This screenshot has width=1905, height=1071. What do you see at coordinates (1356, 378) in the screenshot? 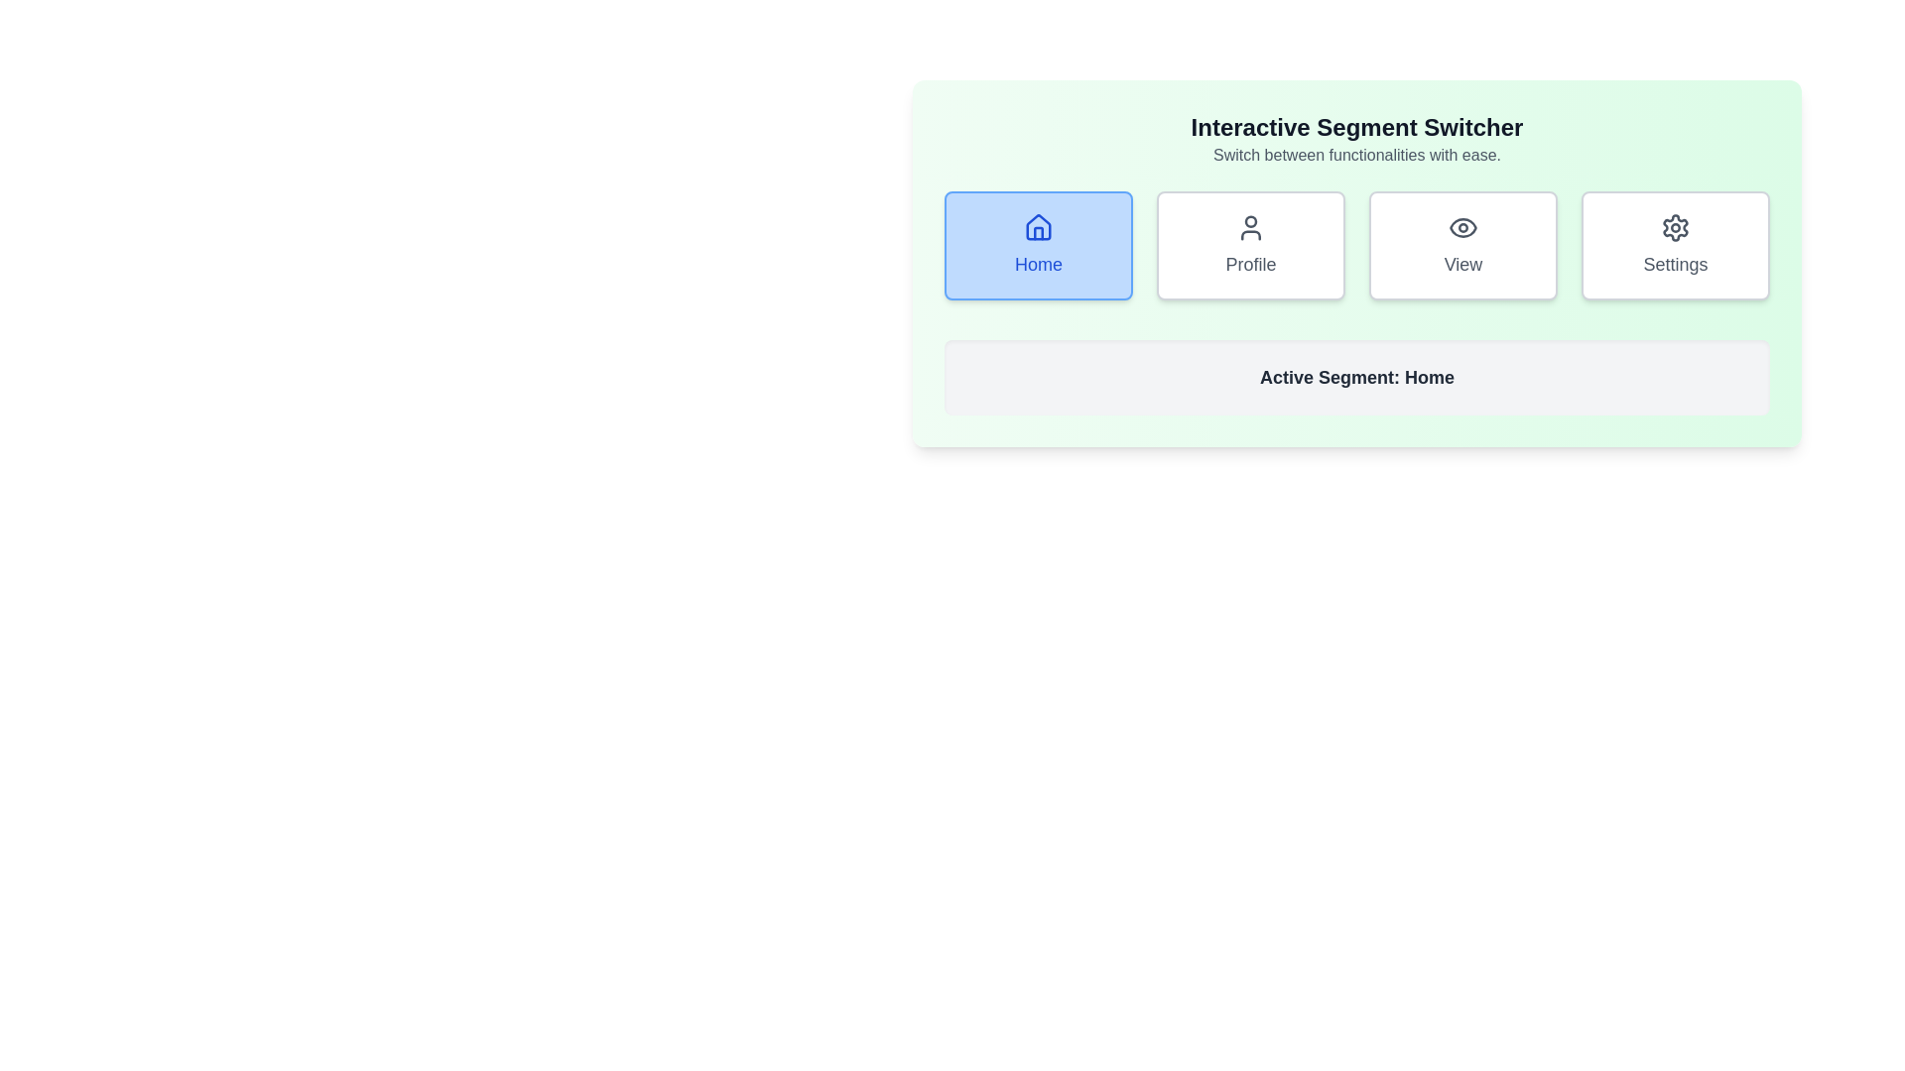
I see `the text label that indicates the currently active segment or selection in the interface, located centrally below the interactive options ('Home', 'Profile', 'View', 'Settings')` at bounding box center [1356, 378].